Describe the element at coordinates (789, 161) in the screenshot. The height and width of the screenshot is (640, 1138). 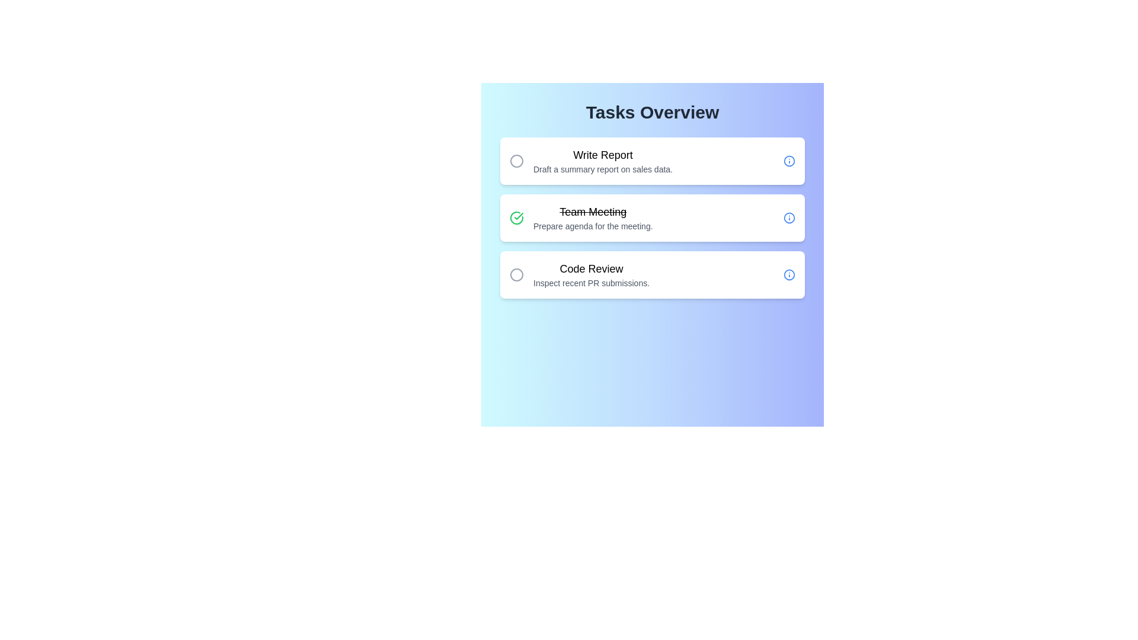
I see `the 'Info' icon for the task 'Write Report' to inspect its details` at that location.